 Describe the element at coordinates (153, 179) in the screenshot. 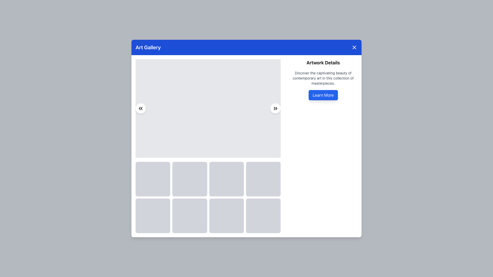

I see `the first static visual element with a light gray background and rounded corners located in the top-left corner of the grid layout` at that location.